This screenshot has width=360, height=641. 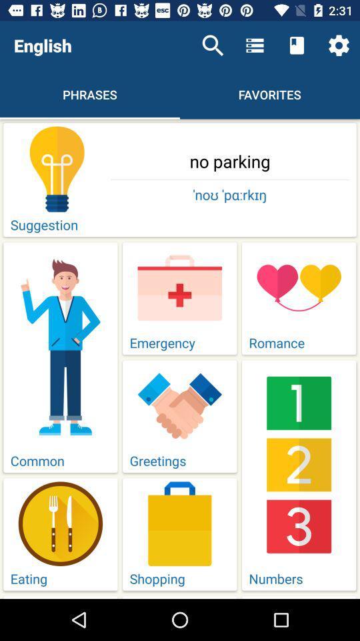 What do you see at coordinates (255, 45) in the screenshot?
I see `icon above favorites` at bounding box center [255, 45].